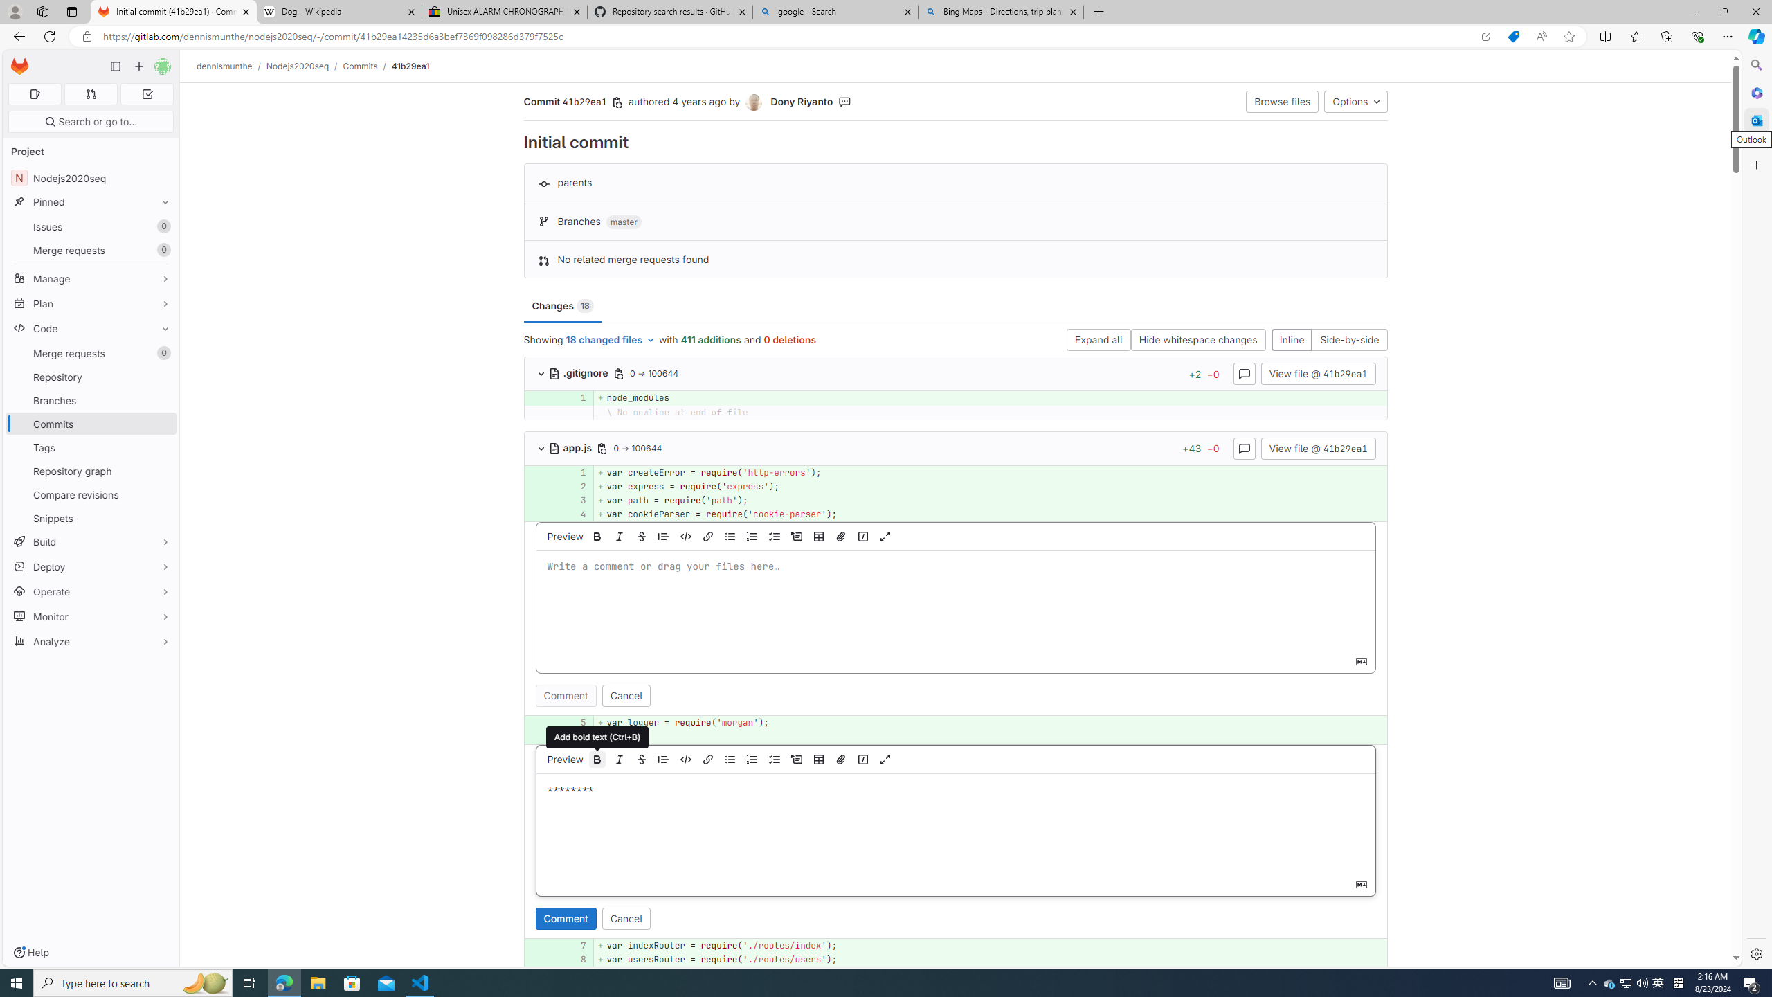 Image resolution: width=1772 pixels, height=997 pixels. I want to click on 'Outlook', so click(1755, 119).